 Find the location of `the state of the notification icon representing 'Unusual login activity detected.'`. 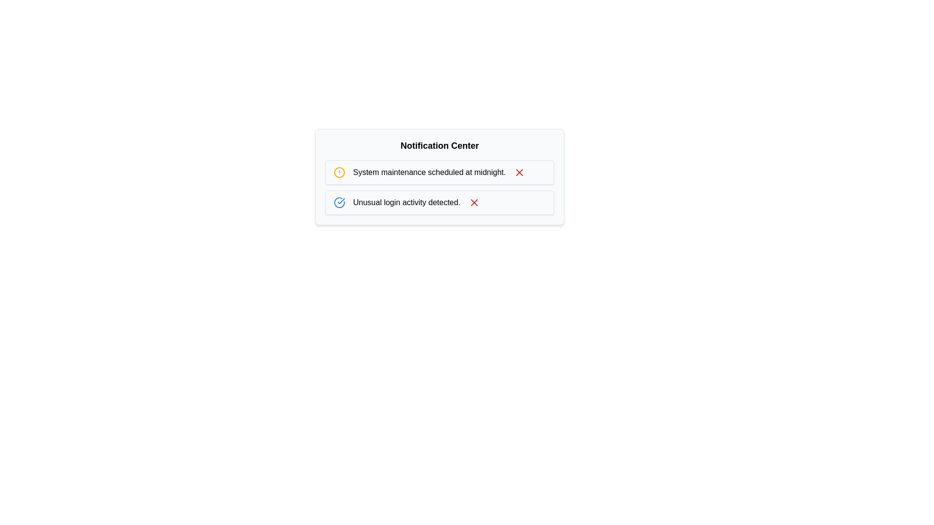

the state of the notification icon representing 'Unusual login activity detected.' is located at coordinates (339, 202).